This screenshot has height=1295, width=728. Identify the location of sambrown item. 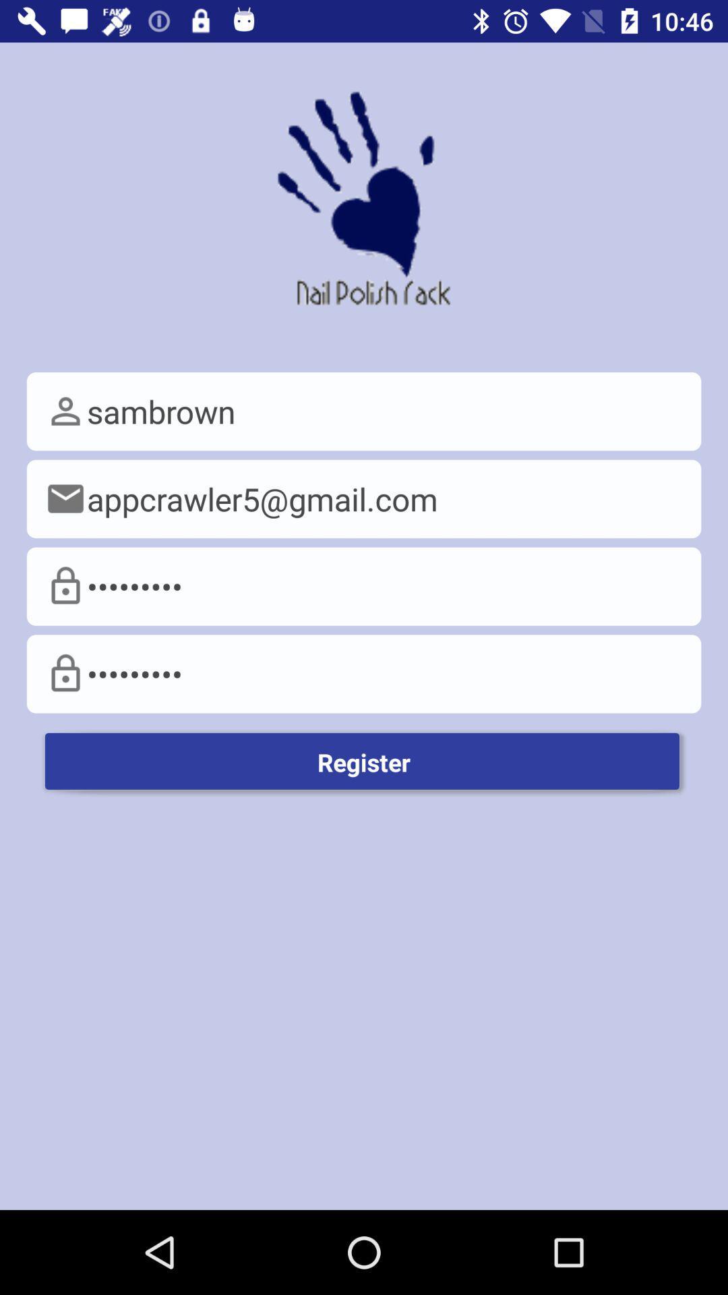
(364, 411).